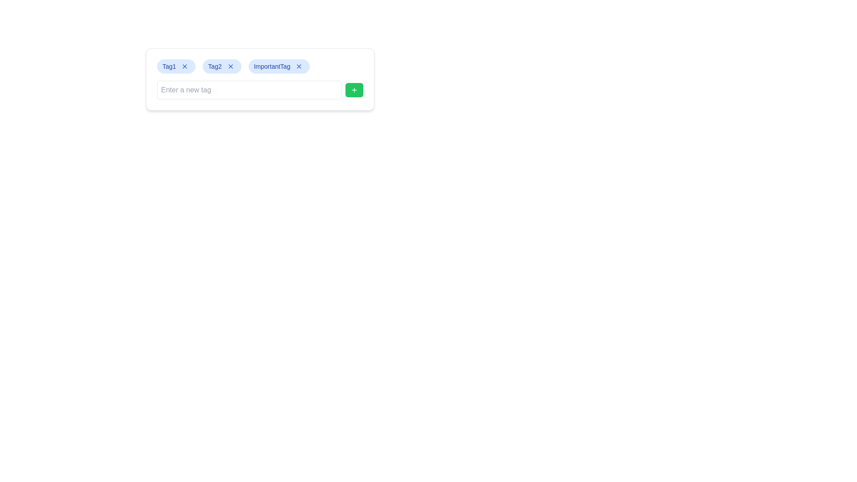 This screenshot has width=857, height=482. I want to click on the green plus sign icon located at the bottom right of the text input field, so click(354, 90).